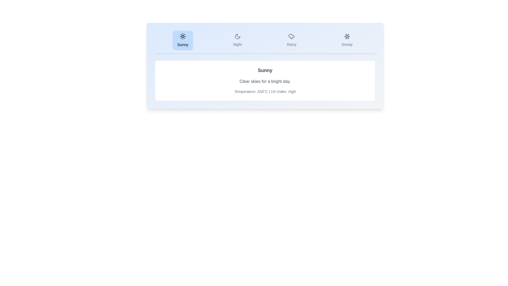 The height and width of the screenshot is (286, 508). I want to click on the tab corresponding to Snowy to activate it, so click(347, 40).